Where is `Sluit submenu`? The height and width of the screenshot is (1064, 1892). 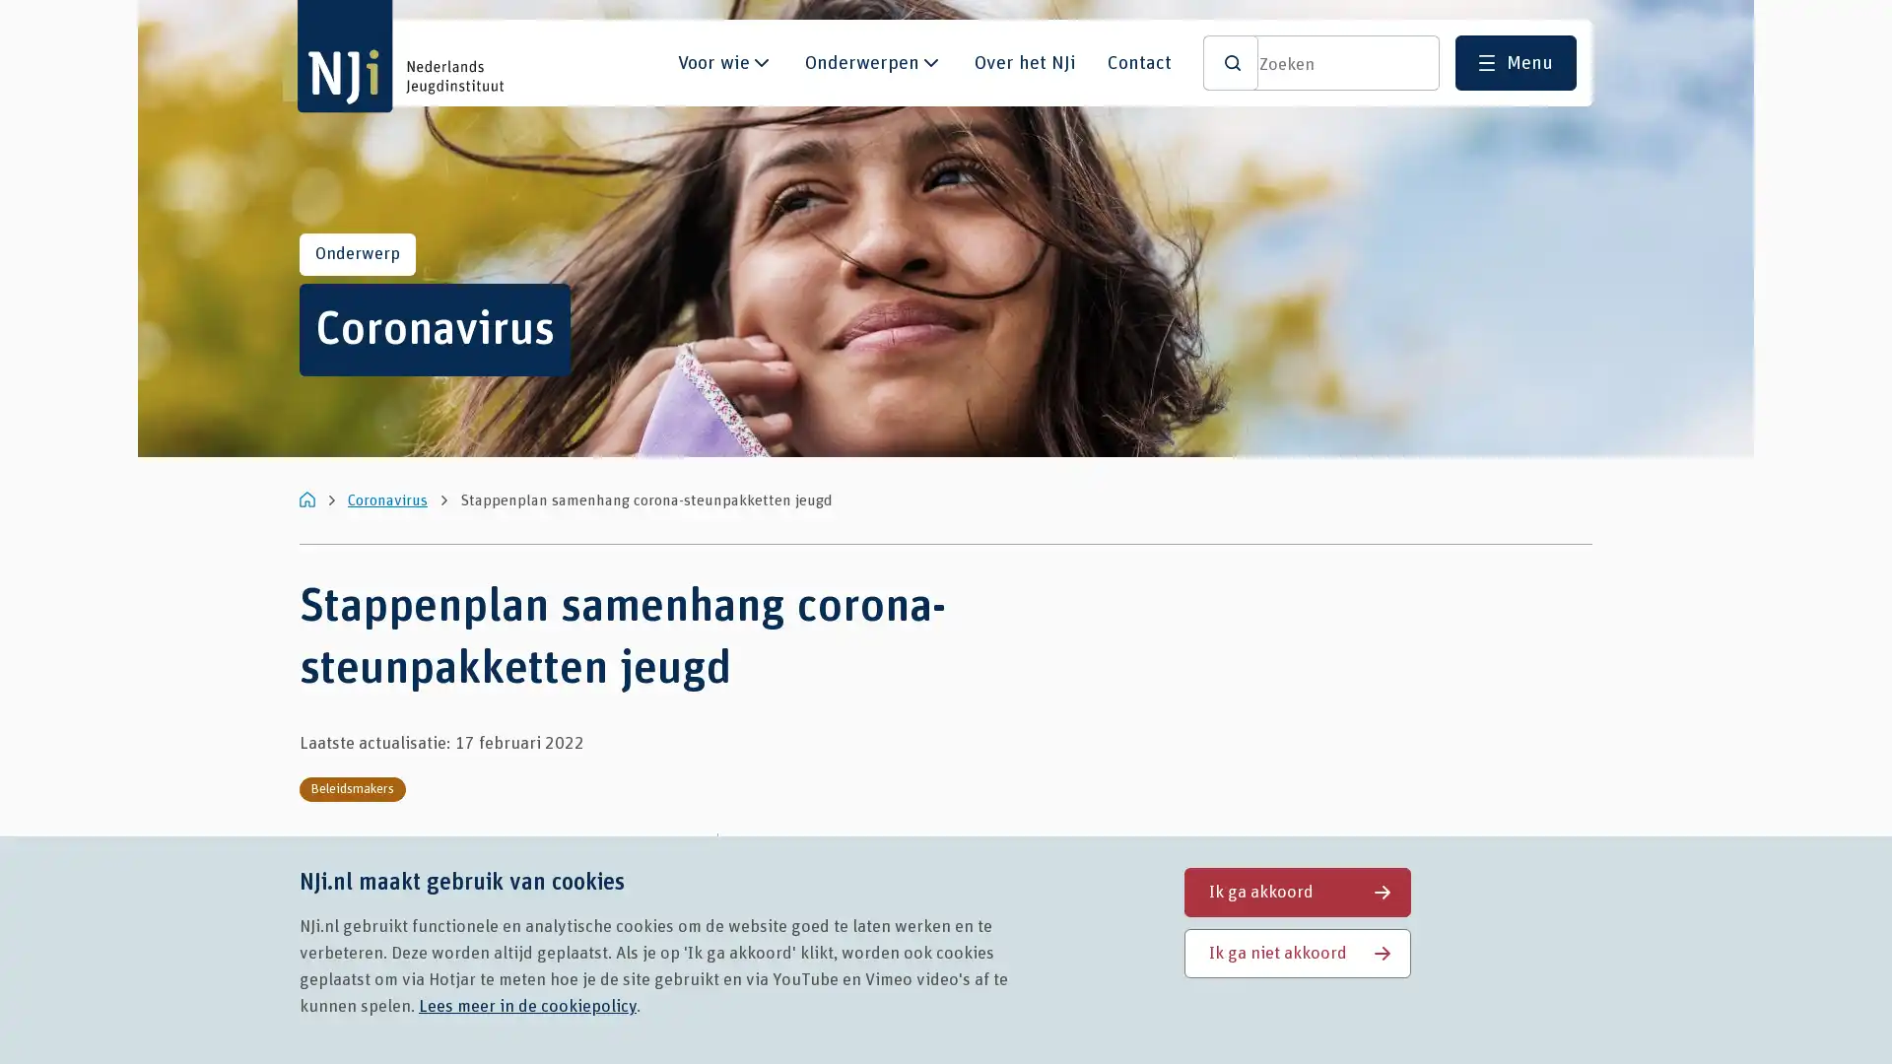 Sluit submenu is located at coordinates (930, 70).